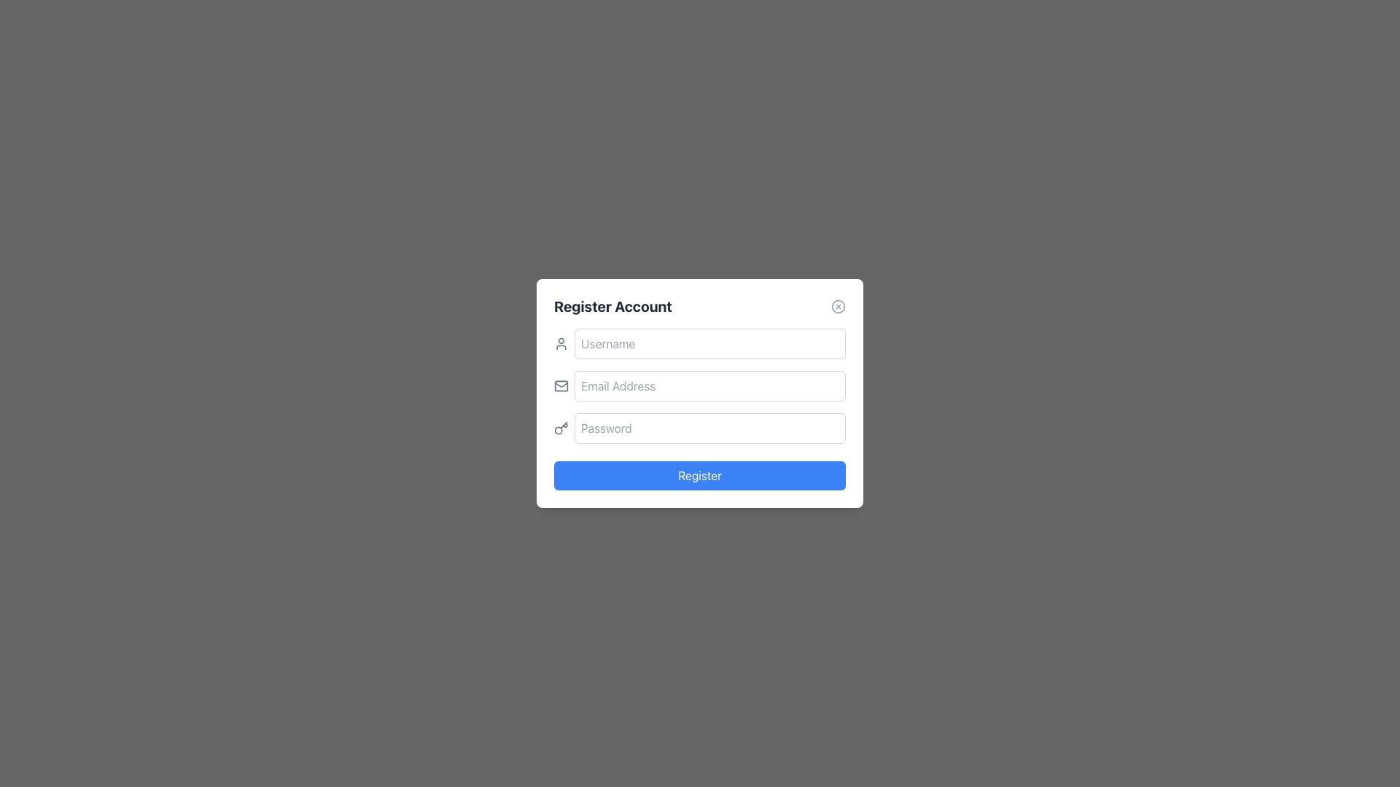  Describe the element at coordinates (560, 385) in the screenshot. I see `the background rectangle component of the envelope icon, which signifies an email or message context, located to the left of the 'Email Address' text input field` at that location.